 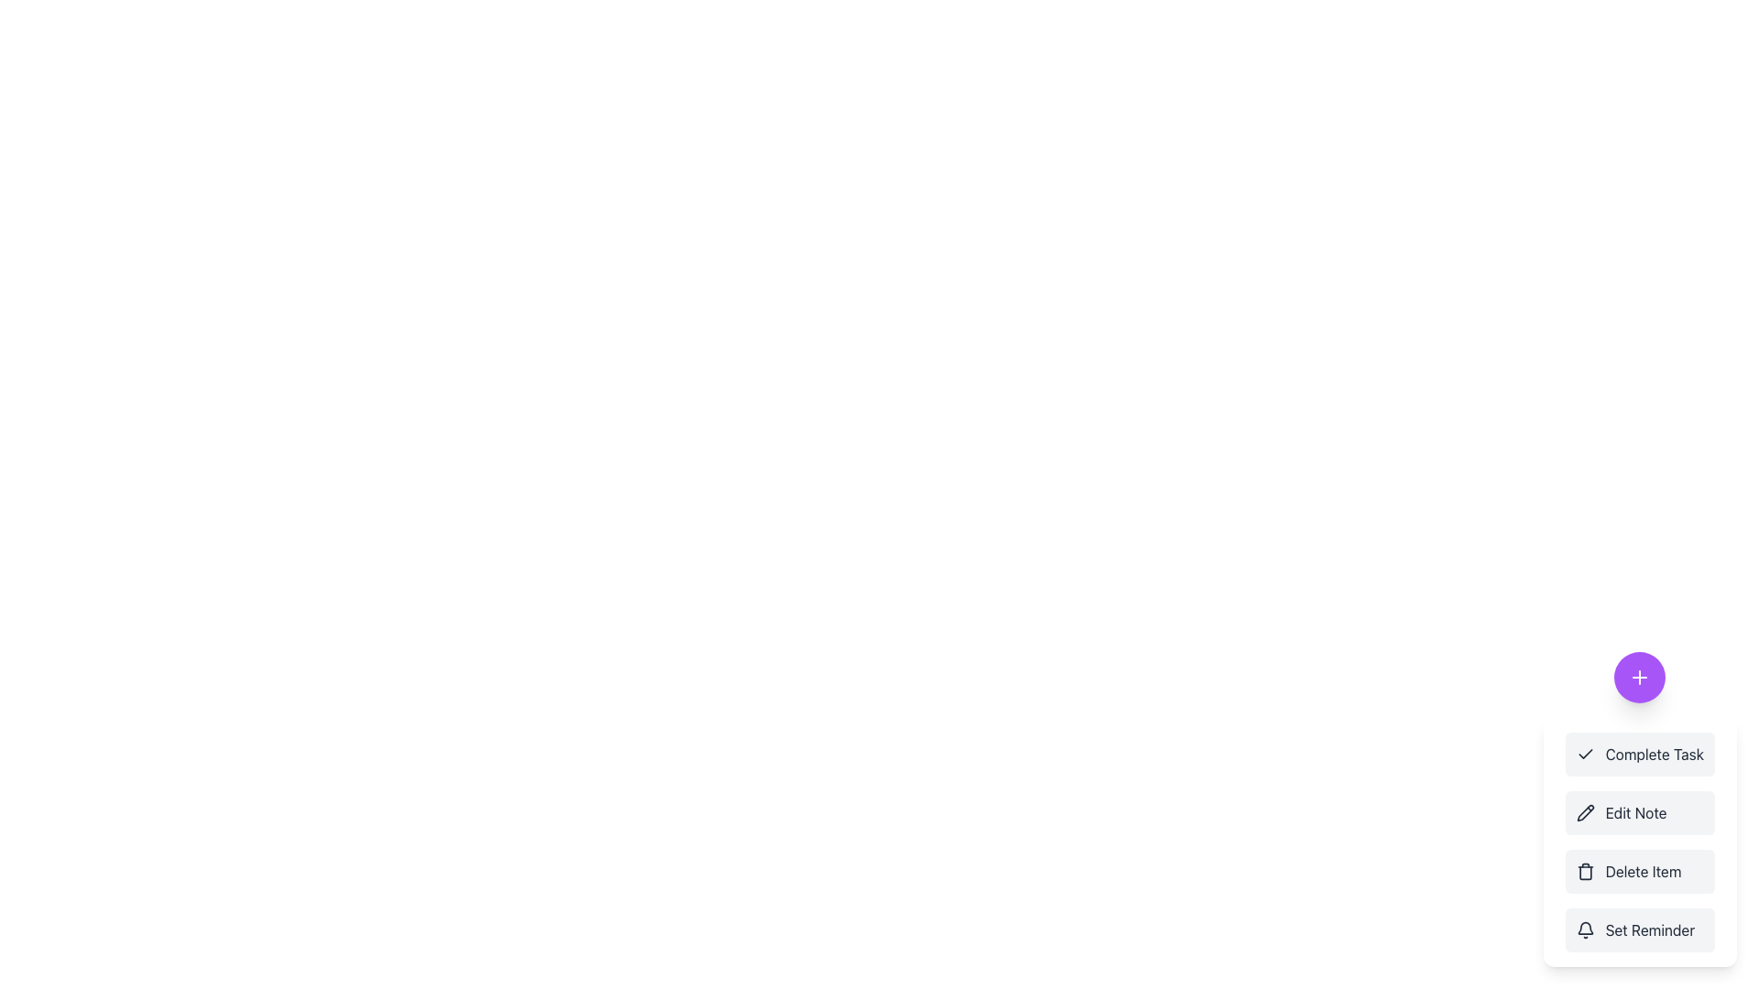 What do you see at coordinates (1640, 811) in the screenshot?
I see `the edit note button, which is the second item in a vertical list of action buttons, to change its background color` at bounding box center [1640, 811].